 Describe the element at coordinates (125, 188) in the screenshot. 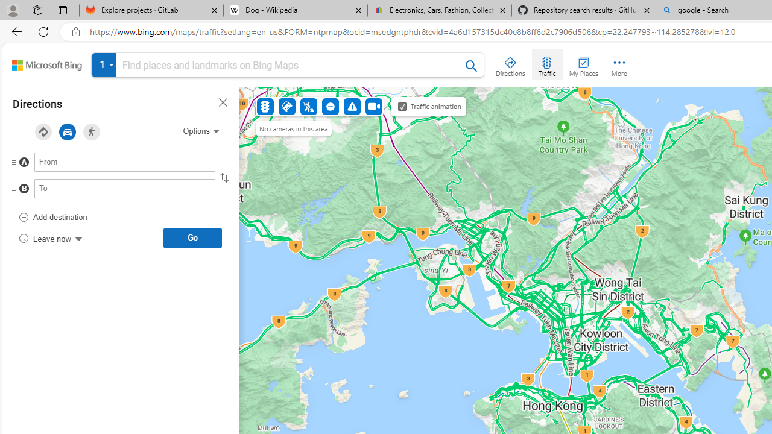

I see `'To'` at that location.